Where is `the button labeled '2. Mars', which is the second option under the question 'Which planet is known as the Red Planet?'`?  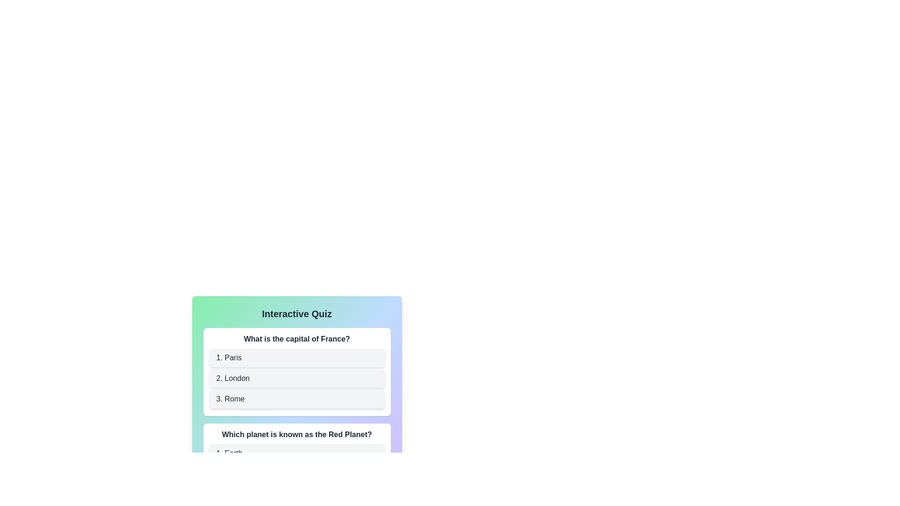 the button labeled '2. Mars', which is the second option under the question 'Which planet is known as the Red Planet?' is located at coordinates (296, 474).